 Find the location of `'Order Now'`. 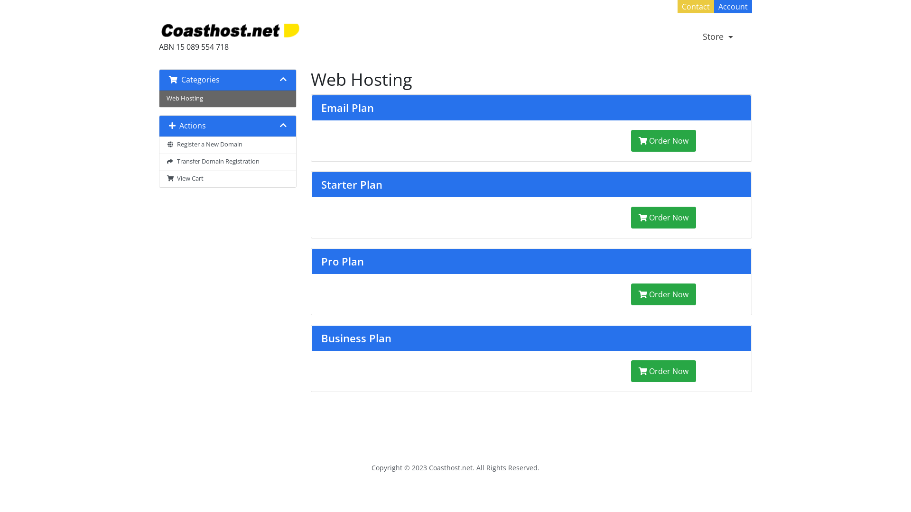

'Order Now' is located at coordinates (663, 294).